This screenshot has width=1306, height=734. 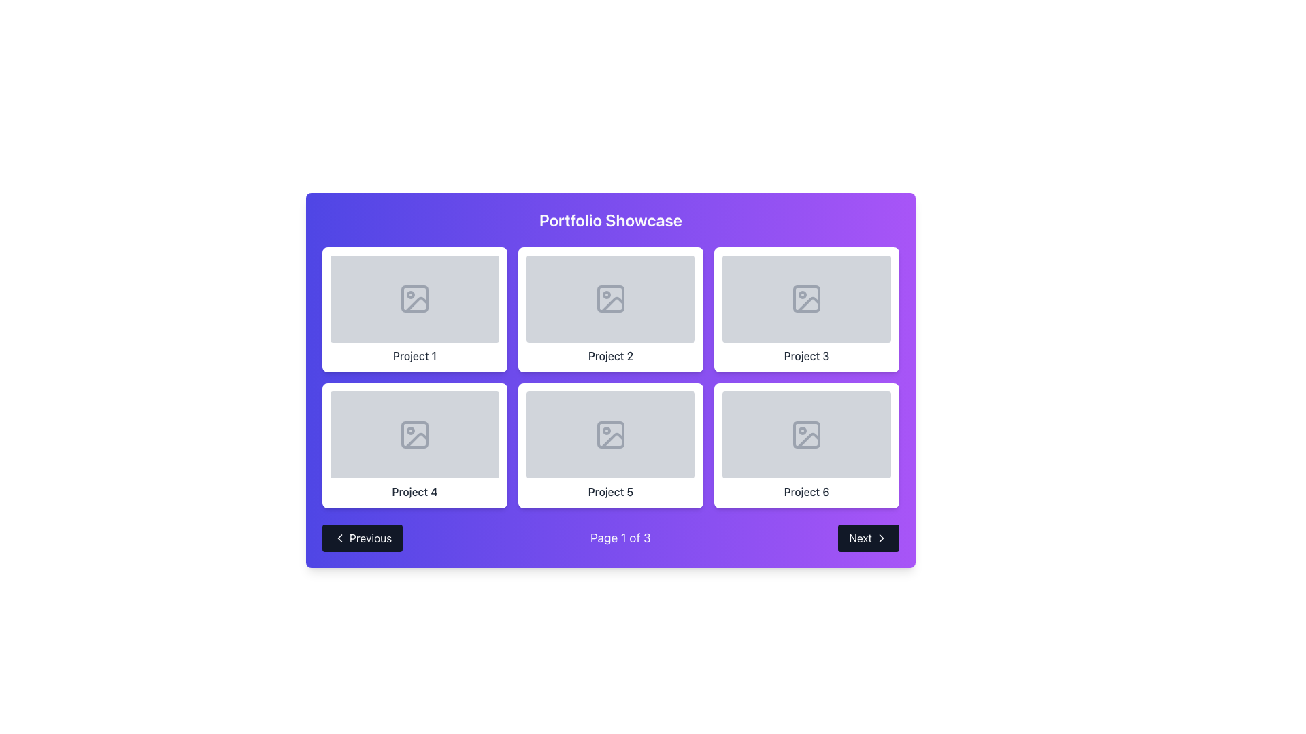 I want to click on the individual project cards displayed in the Grid Layout positioned below the title 'Portfolio Showcase', so click(x=609, y=377).